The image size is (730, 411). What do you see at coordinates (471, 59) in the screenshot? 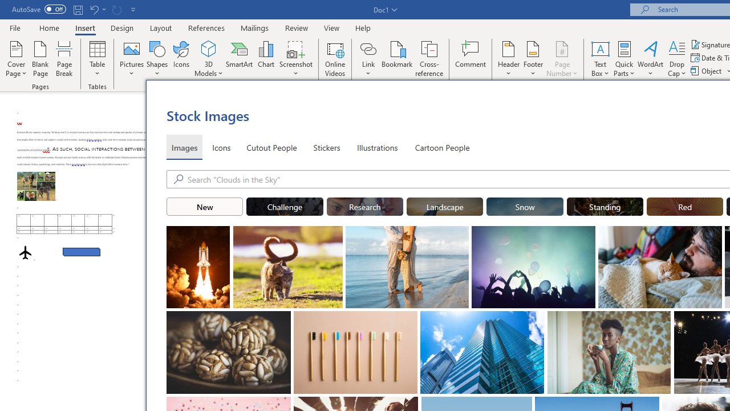
I see `'Comment'` at bounding box center [471, 59].